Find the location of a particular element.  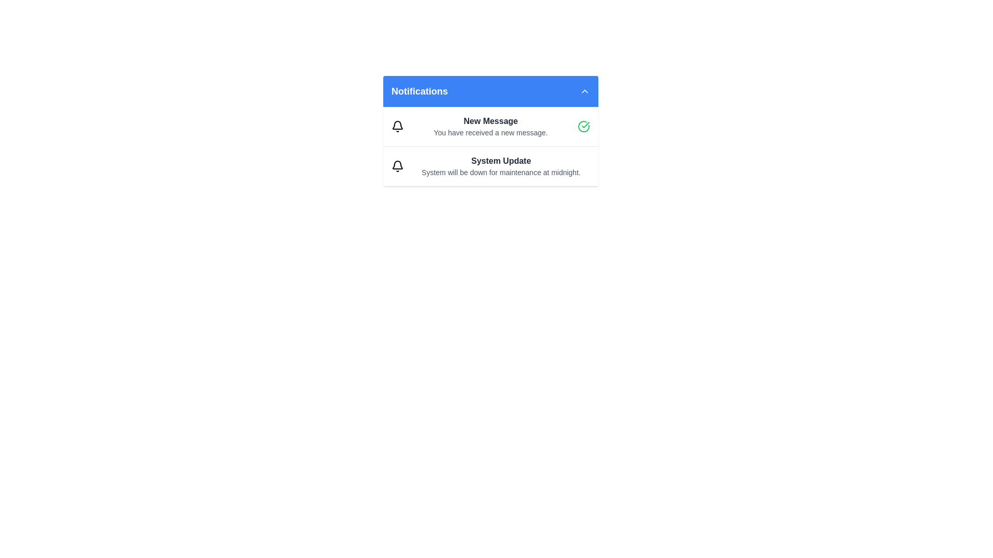

the second text block in the notifications panel that provides information about a scheduled system maintenance update is located at coordinates (501, 165).